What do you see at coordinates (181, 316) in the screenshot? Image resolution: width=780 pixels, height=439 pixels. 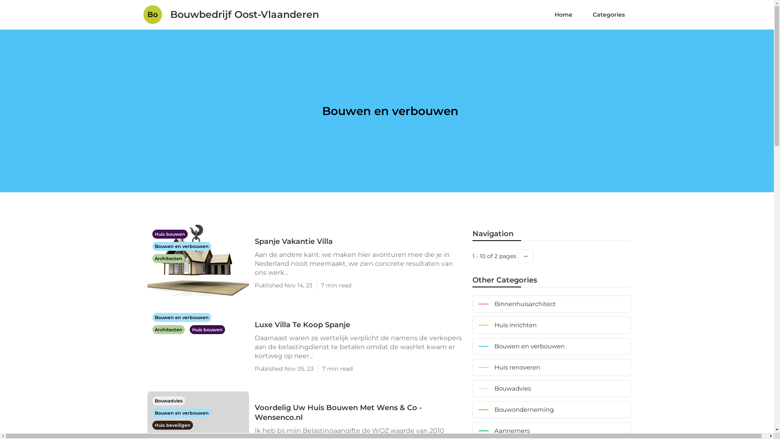 I see `'Bouwen en verbouwen'` at bounding box center [181, 316].